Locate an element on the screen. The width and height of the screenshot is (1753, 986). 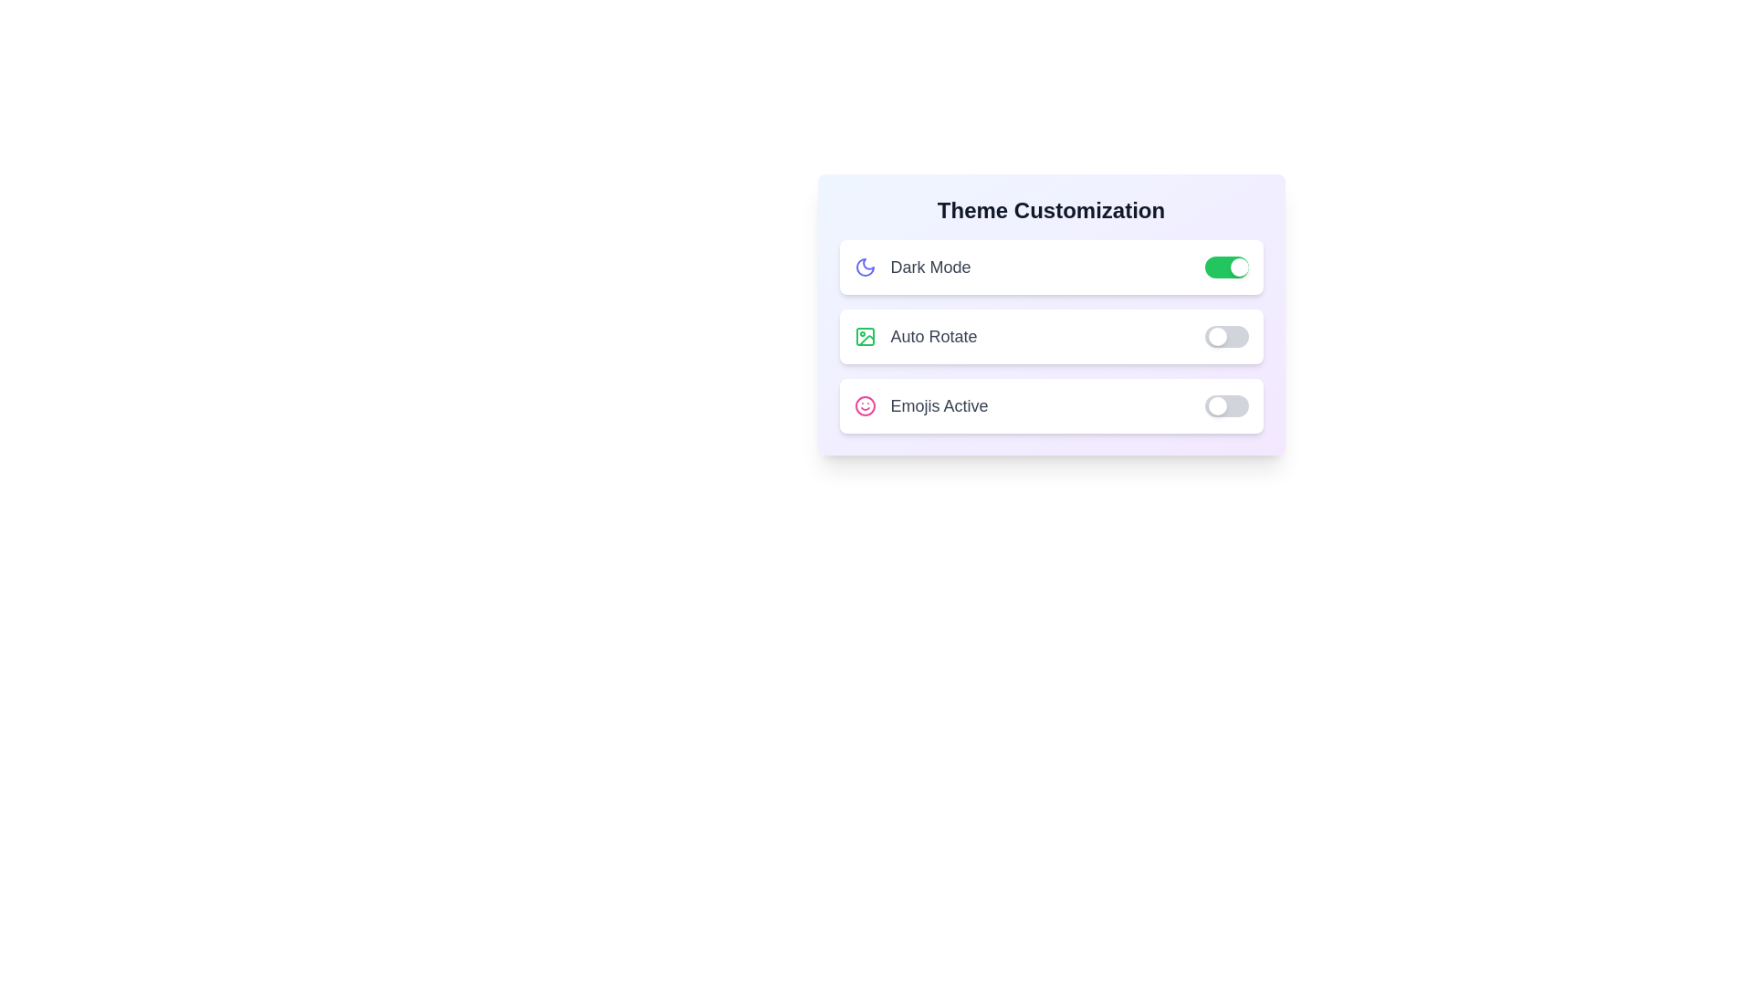
static textual label displaying 'Dark Mode' in a bold gray font, which is the rightmost option in the theme customization settings is located at coordinates (930, 267).